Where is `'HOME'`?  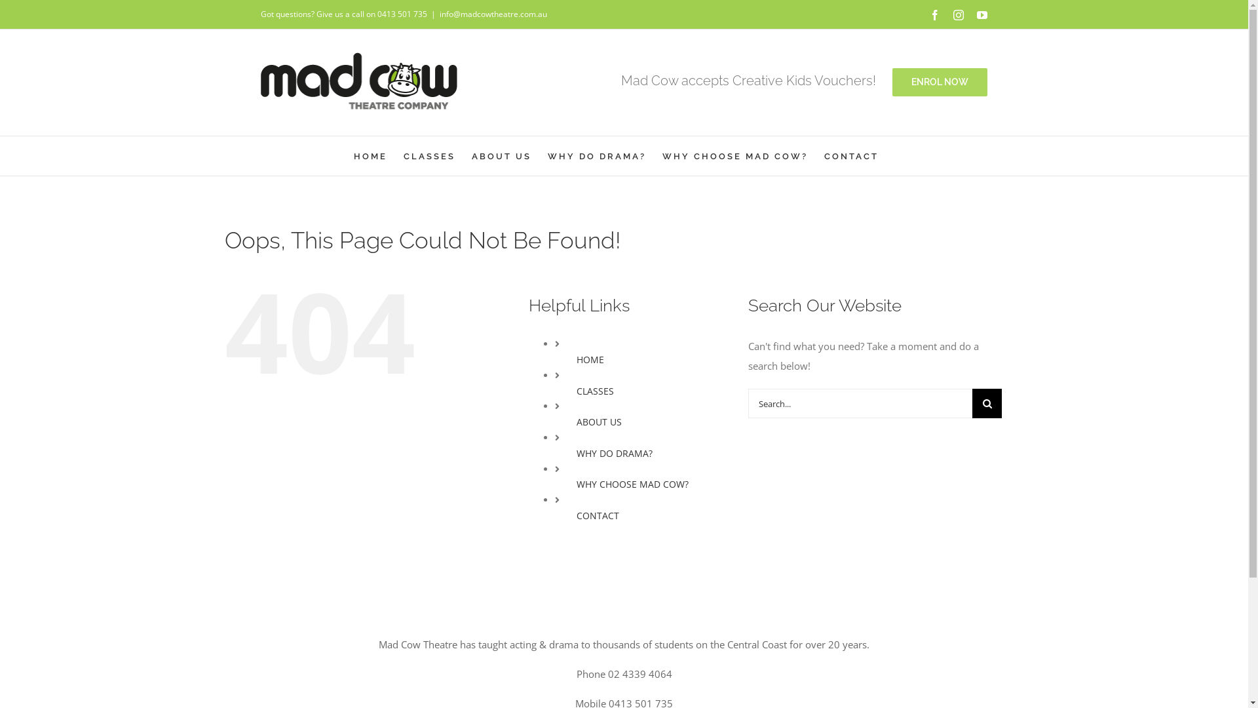
'HOME' is located at coordinates (590, 359).